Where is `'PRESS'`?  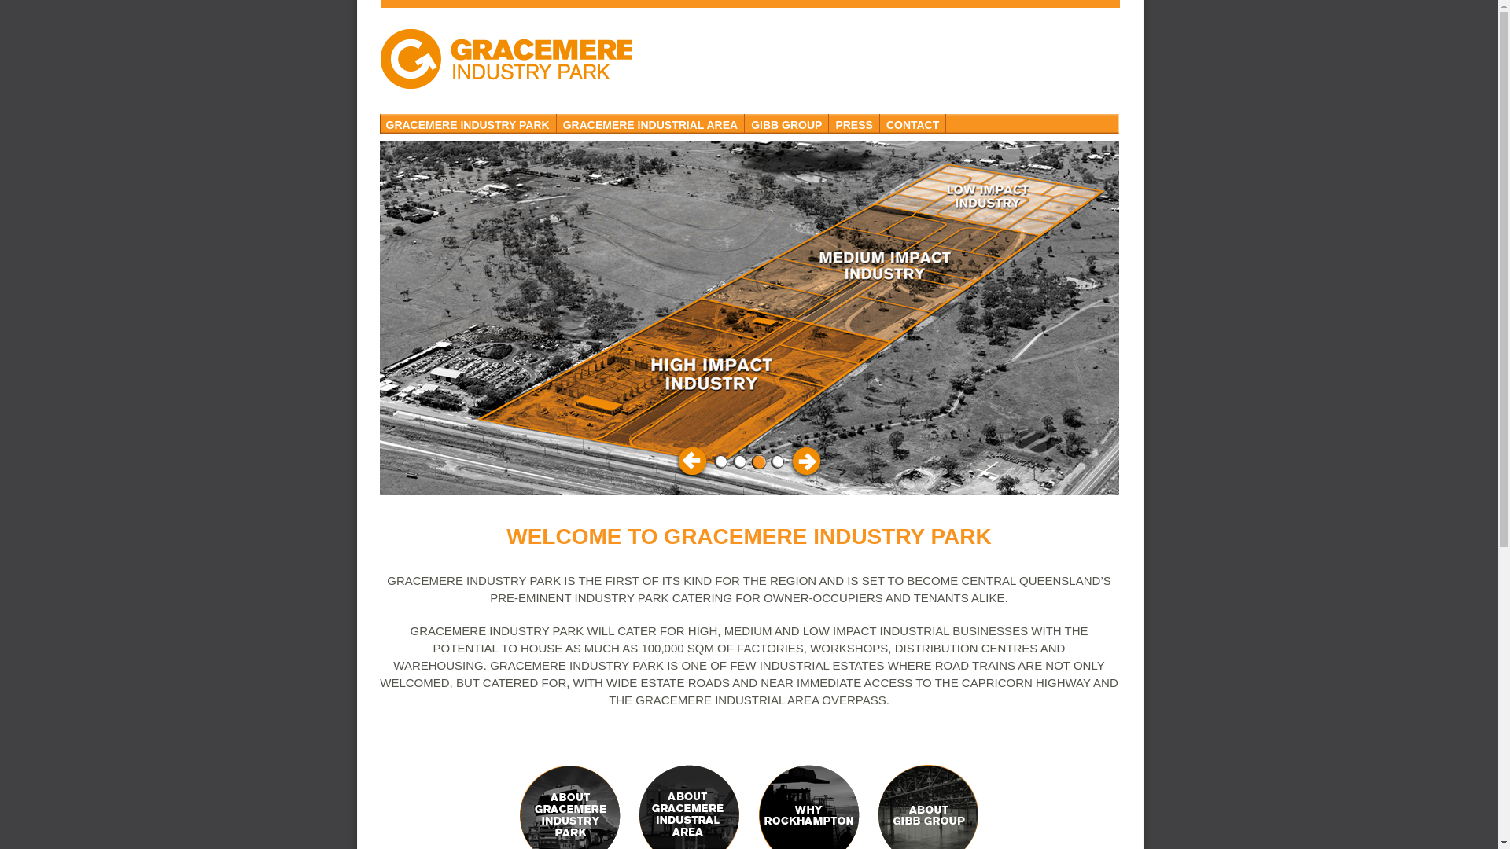 'PRESS' is located at coordinates (853, 123).